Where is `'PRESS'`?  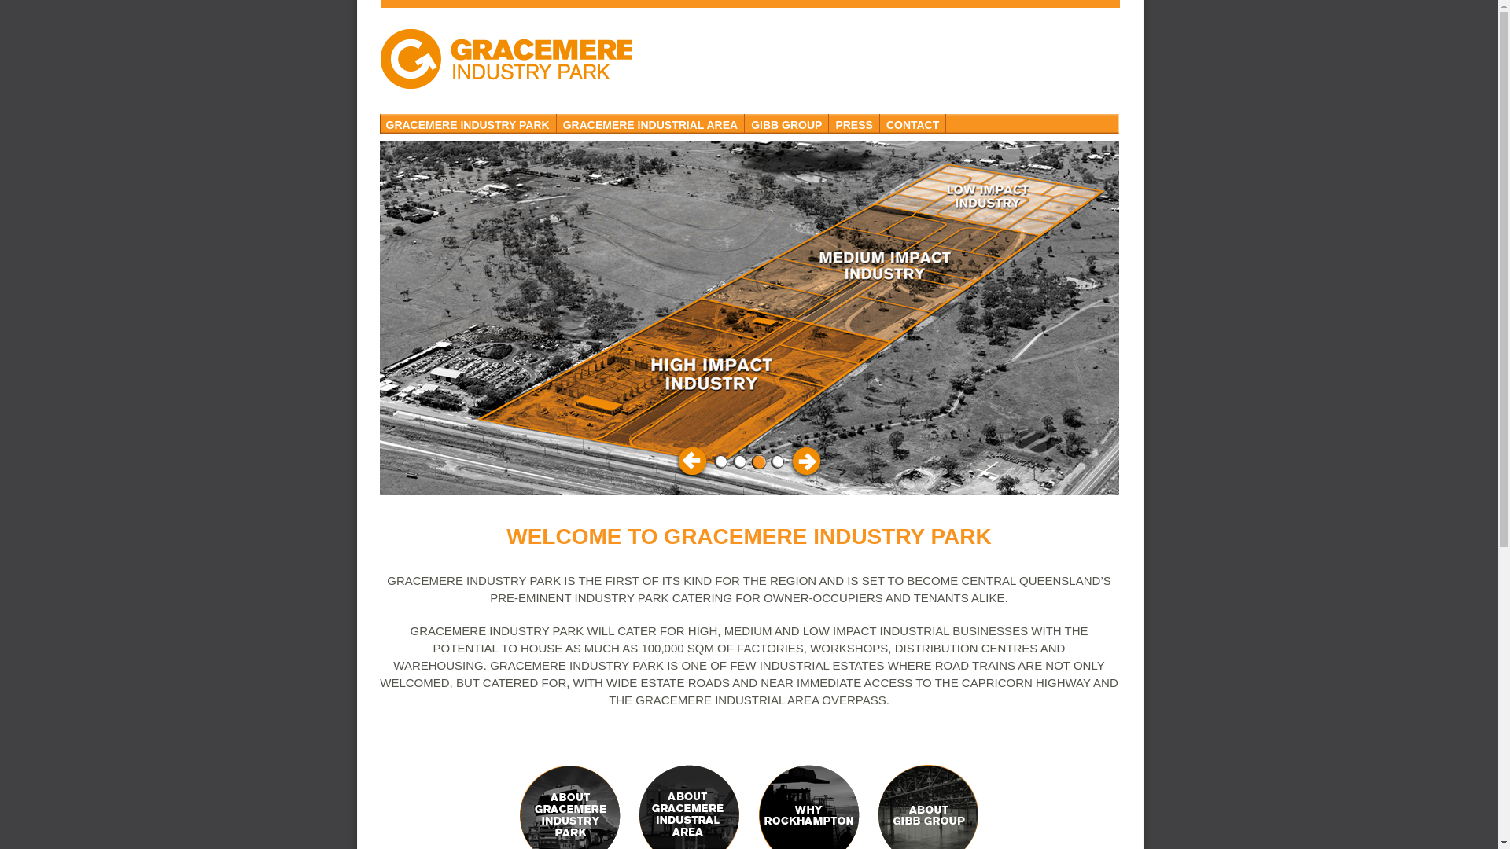 'PRESS' is located at coordinates (853, 123).